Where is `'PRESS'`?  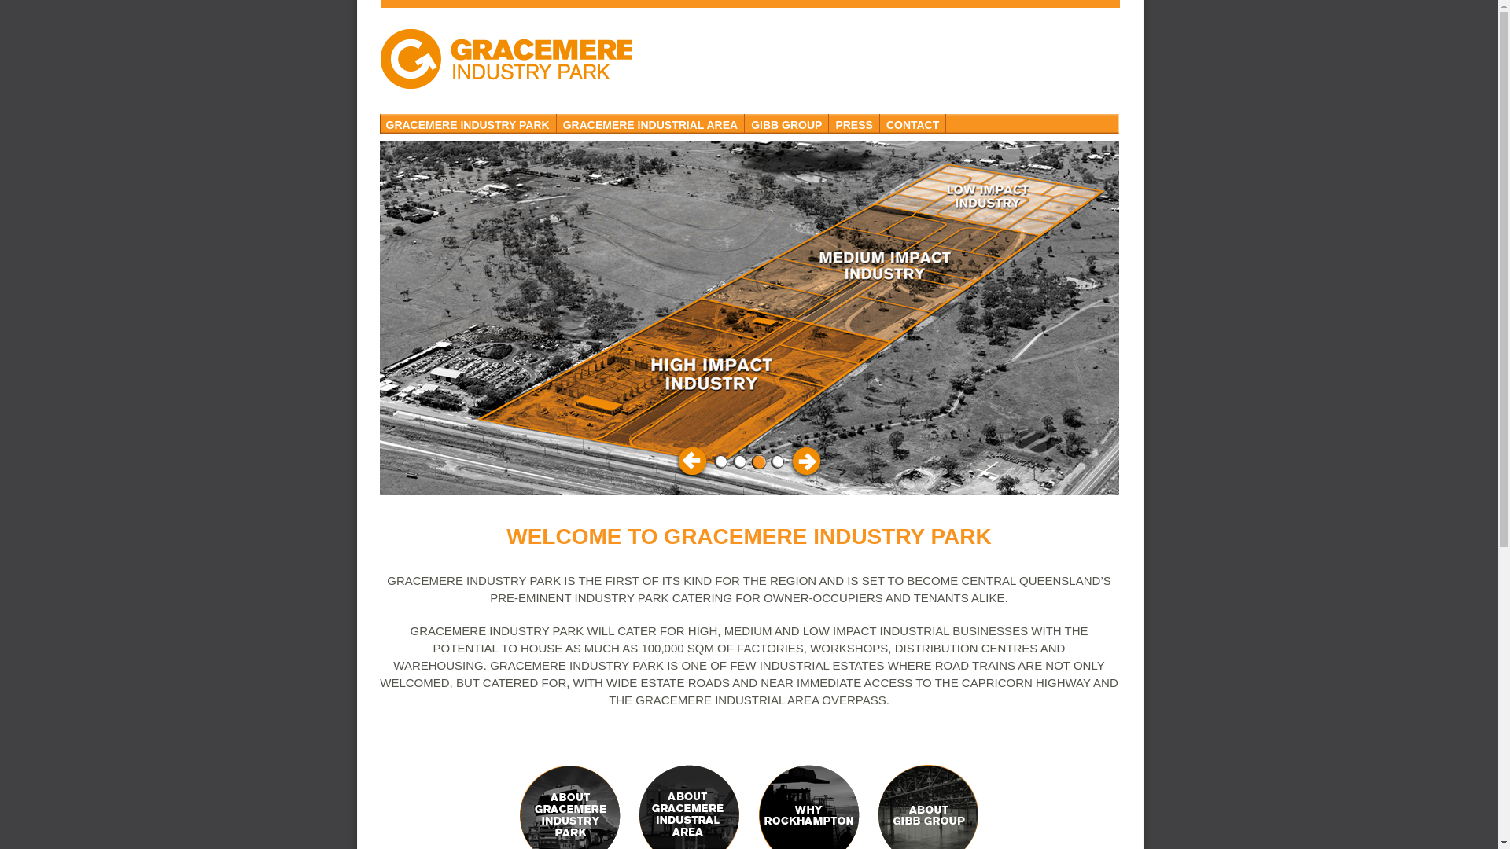 'PRESS' is located at coordinates (853, 123).